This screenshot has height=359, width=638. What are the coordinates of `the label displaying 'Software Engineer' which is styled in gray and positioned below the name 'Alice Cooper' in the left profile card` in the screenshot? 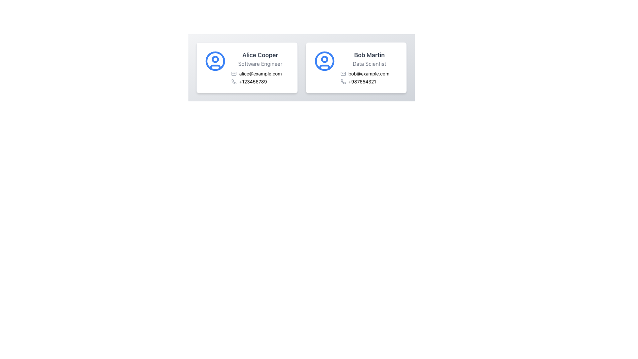 It's located at (260, 64).